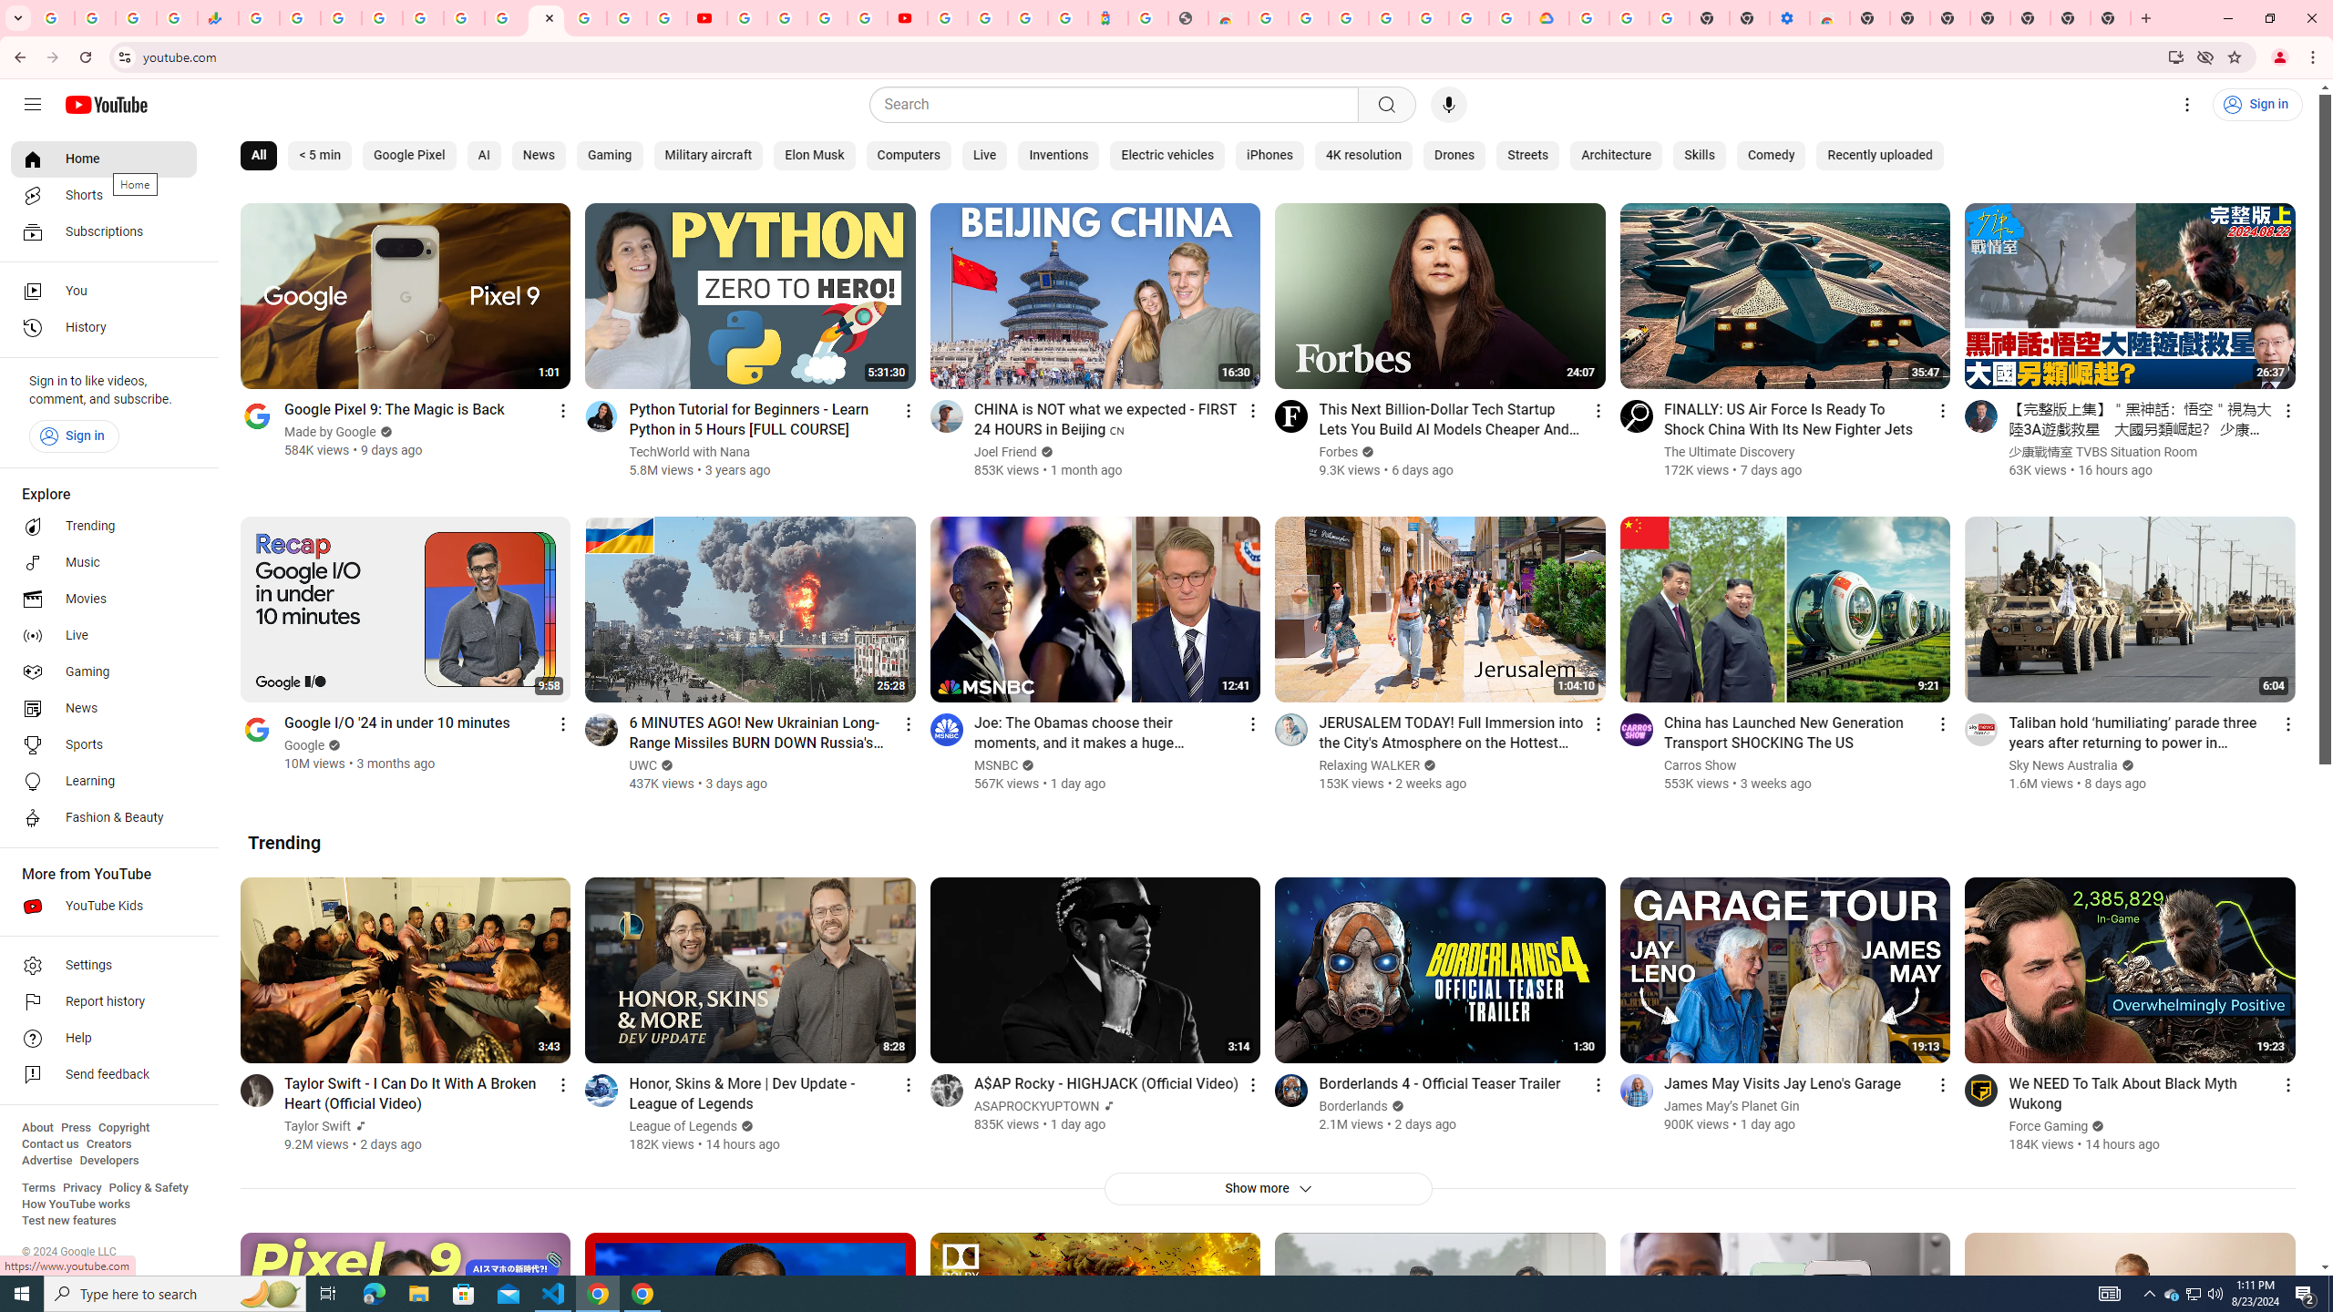  Describe the element at coordinates (1454, 156) in the screenshot. I see `'Drones'` at that location.